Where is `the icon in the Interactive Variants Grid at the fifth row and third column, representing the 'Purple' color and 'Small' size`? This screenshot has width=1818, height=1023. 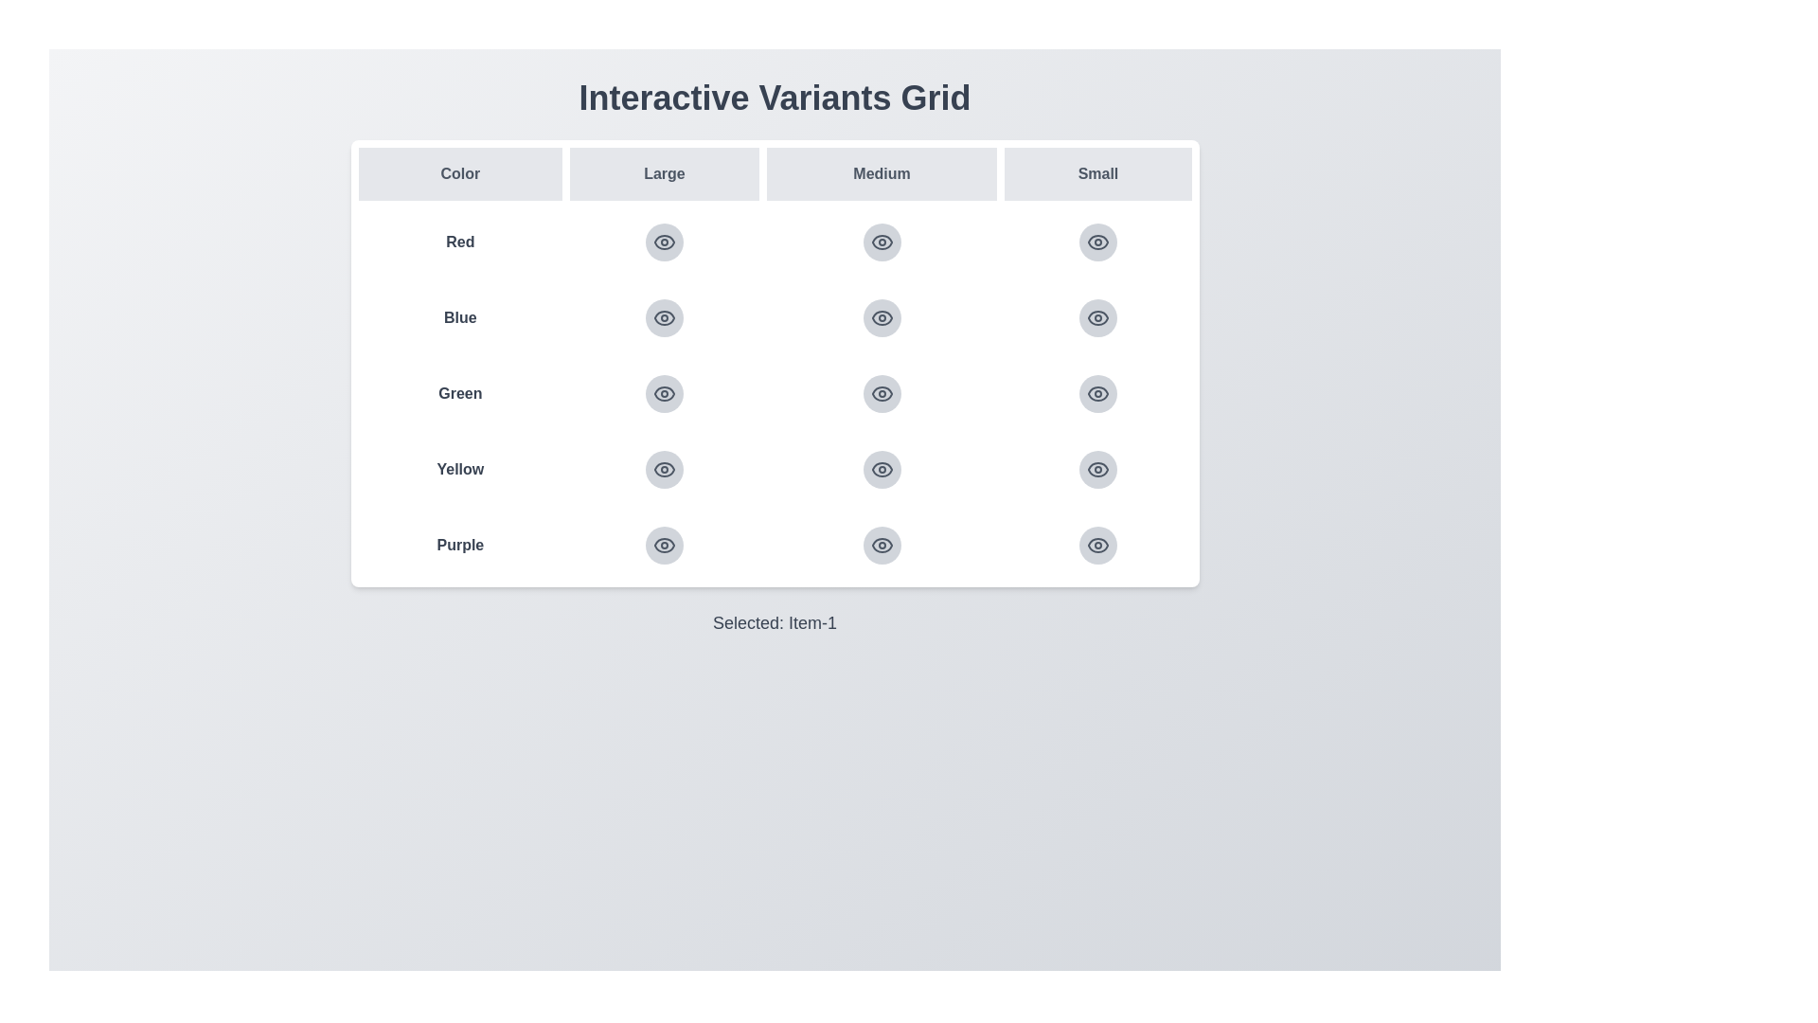
the icon in the Interactive Variants Grid at the fifth row and third column, representing the 'Purple' color and 'Small' size is located at coordinates (1098, 545).